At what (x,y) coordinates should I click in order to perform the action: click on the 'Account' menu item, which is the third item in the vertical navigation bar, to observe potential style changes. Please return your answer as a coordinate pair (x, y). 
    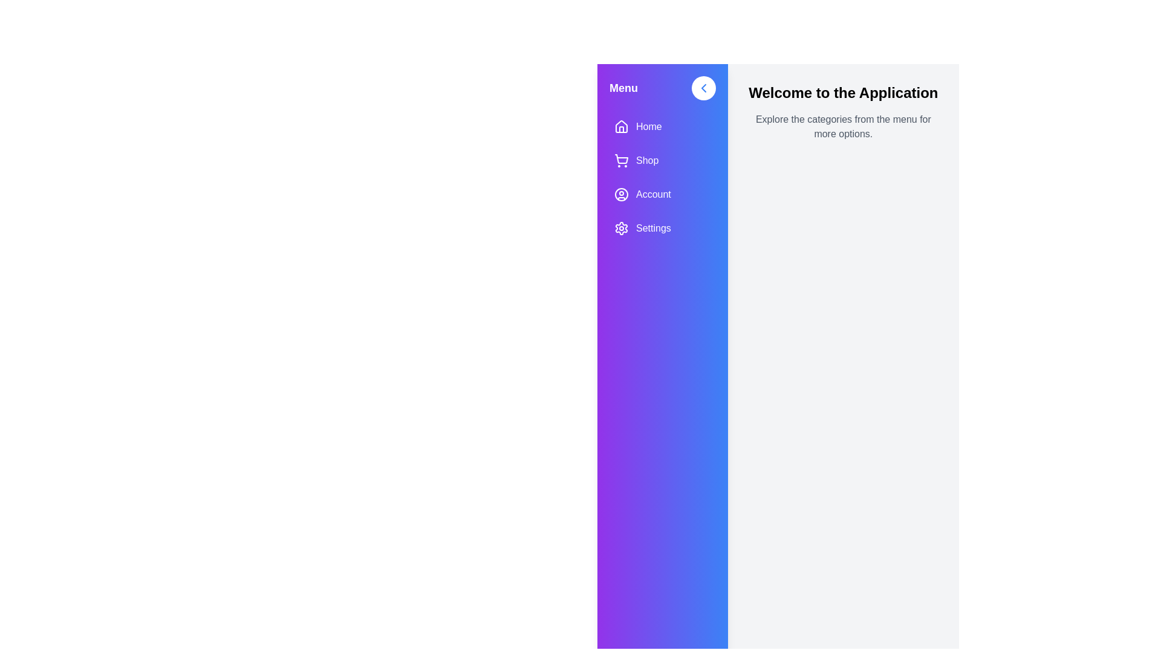
    Looking at the image, I should click on (662, 193).